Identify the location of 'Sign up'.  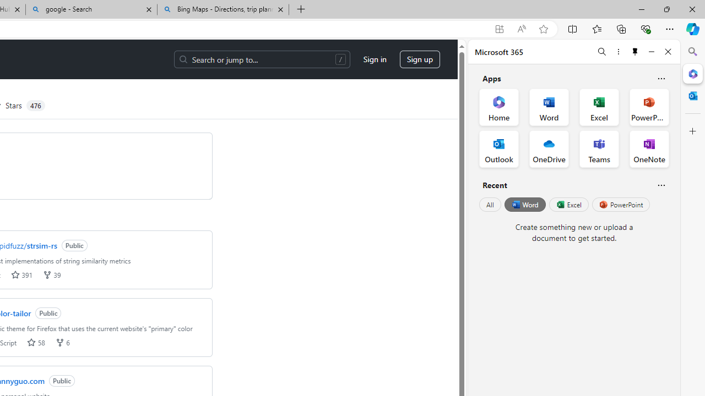
(419, 59).